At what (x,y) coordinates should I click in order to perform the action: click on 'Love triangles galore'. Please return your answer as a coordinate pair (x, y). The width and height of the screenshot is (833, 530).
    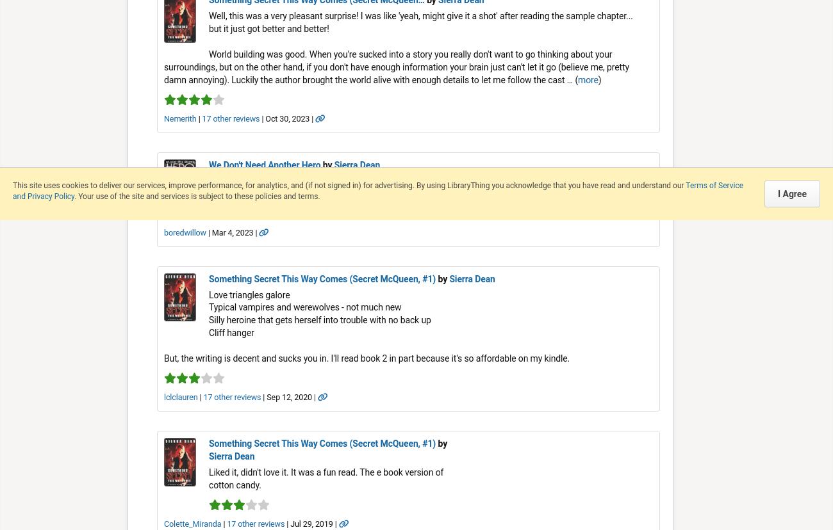
    Looking at the image, I should click on (208, 294).